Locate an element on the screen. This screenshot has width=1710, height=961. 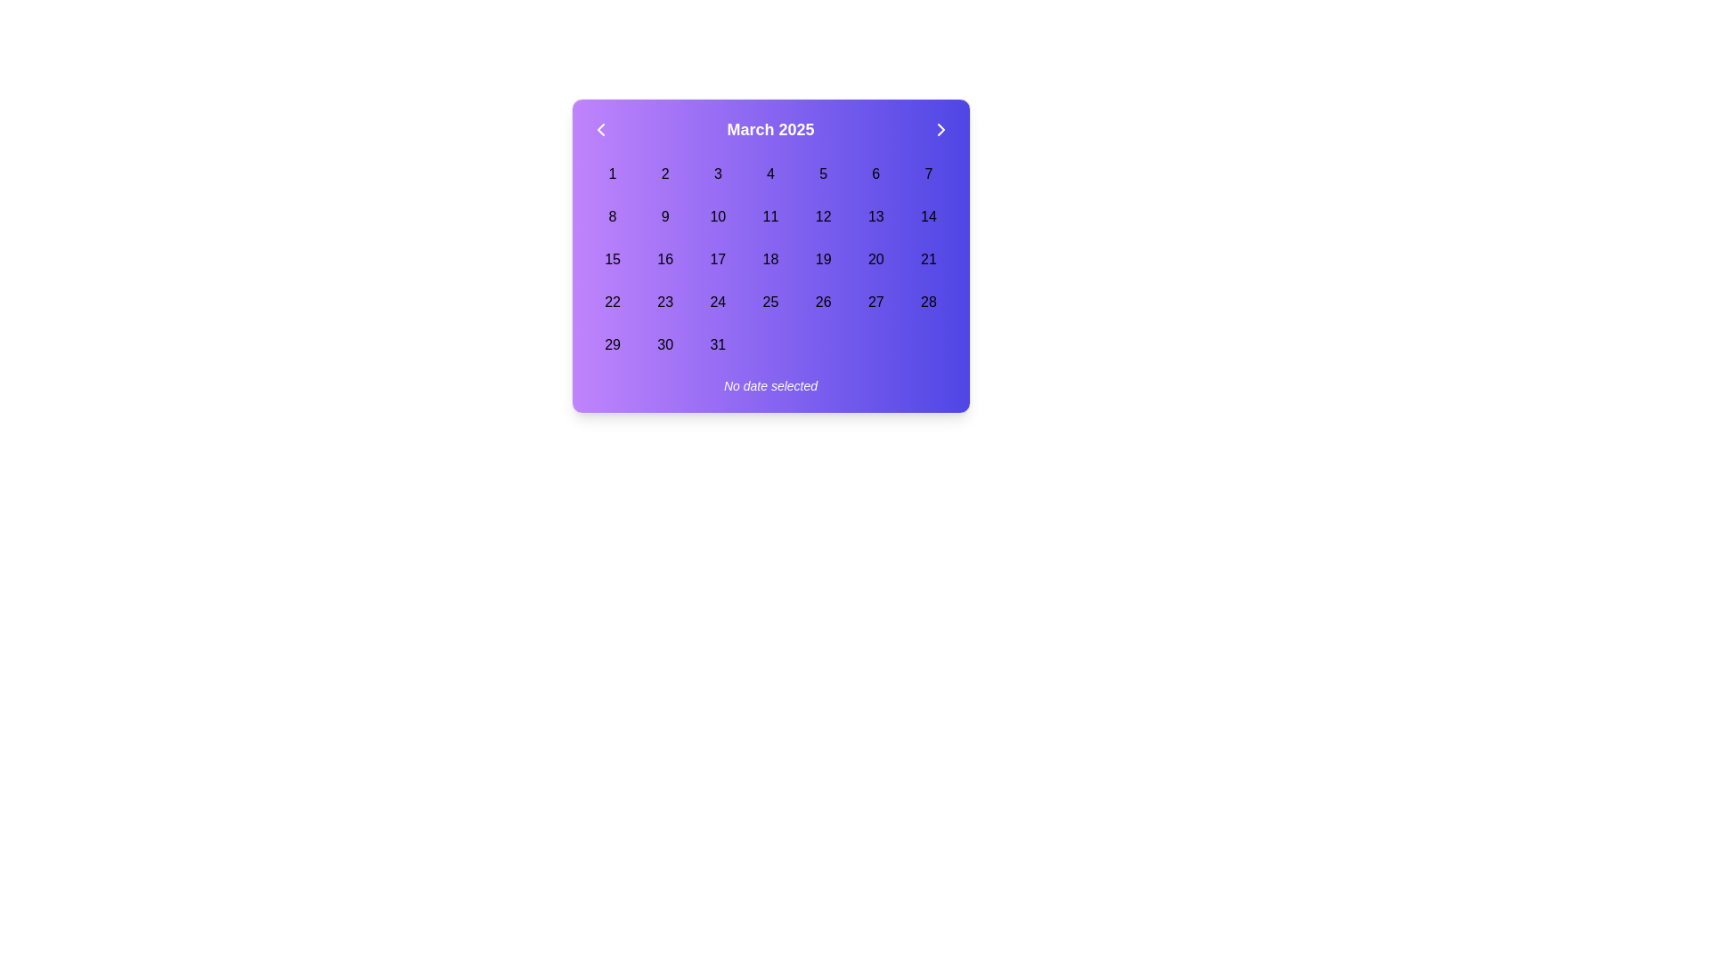
the button representing the 28th day of the month in the calendar interface is located at coordinates (927, 301).